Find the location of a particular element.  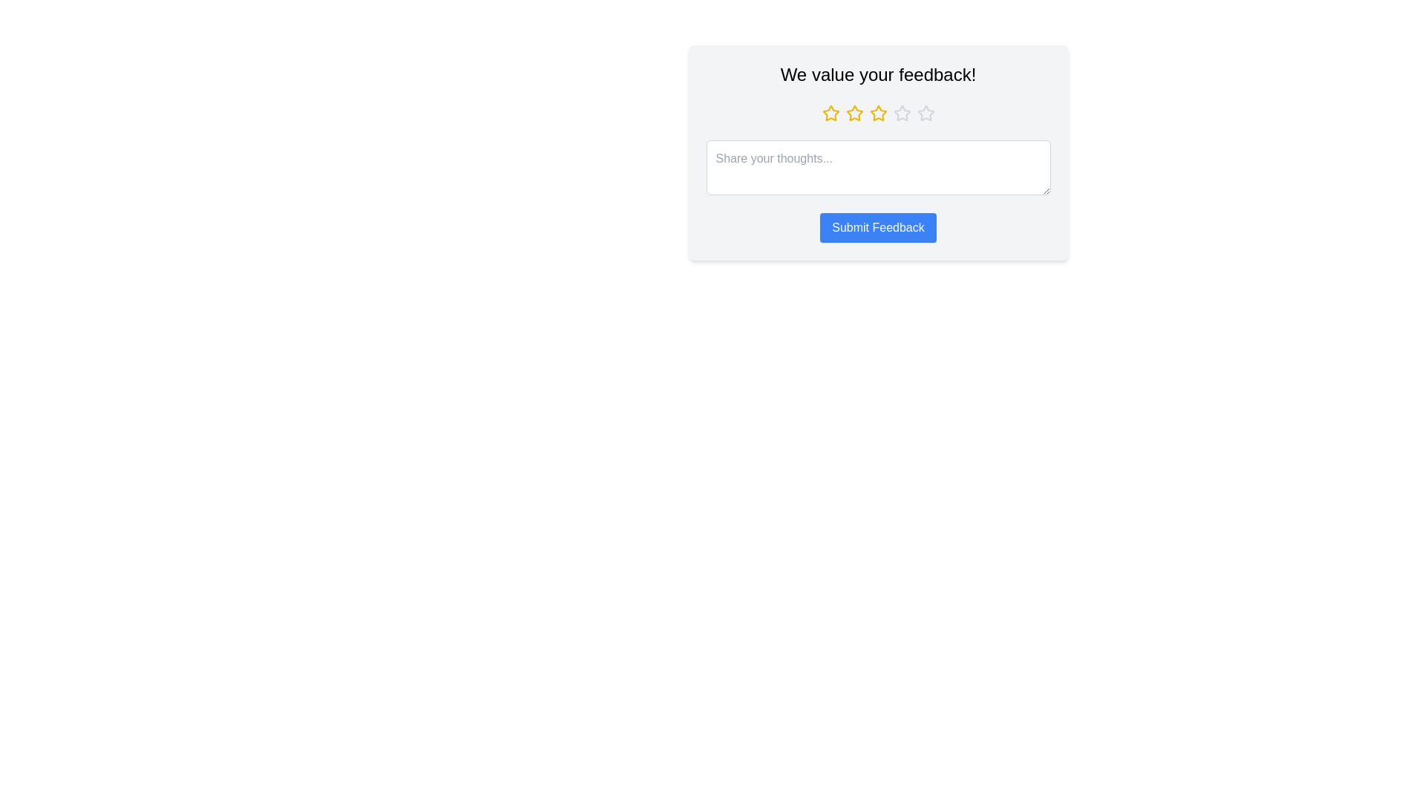

the fourth star icon in the horizontal row is located at coordinates (901, 112).